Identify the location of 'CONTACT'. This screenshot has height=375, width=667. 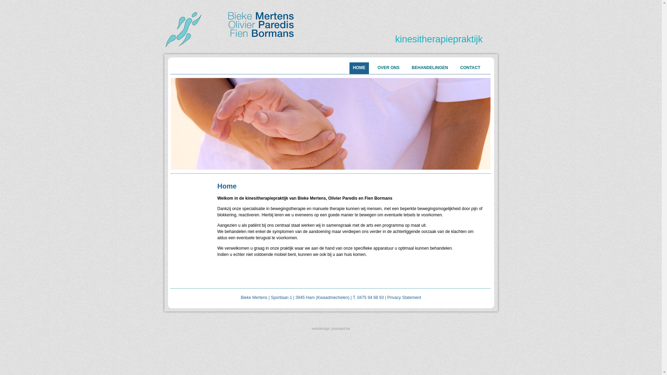
(457, 68).